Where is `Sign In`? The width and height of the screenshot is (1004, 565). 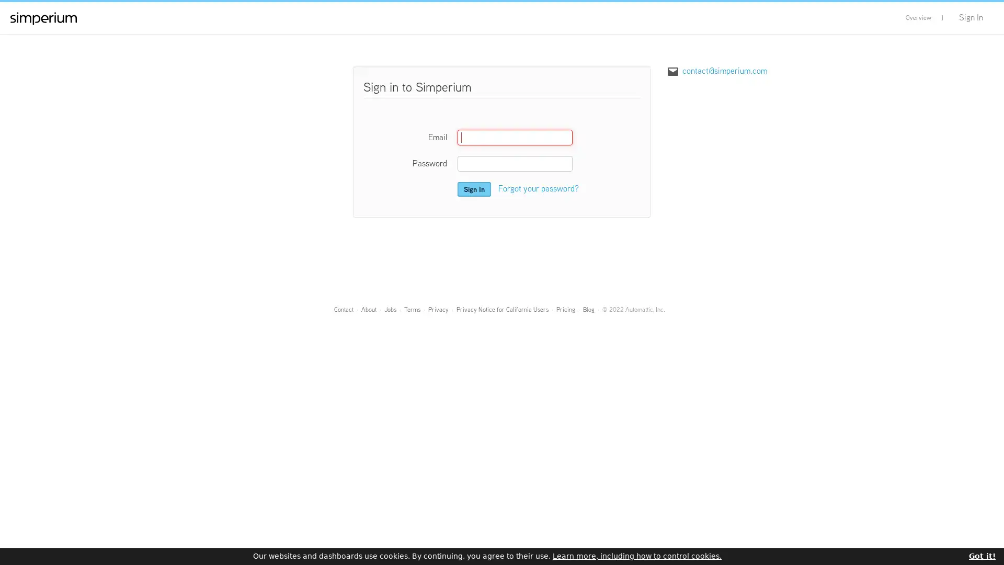
Sign In is located at coordinates (474, 189).